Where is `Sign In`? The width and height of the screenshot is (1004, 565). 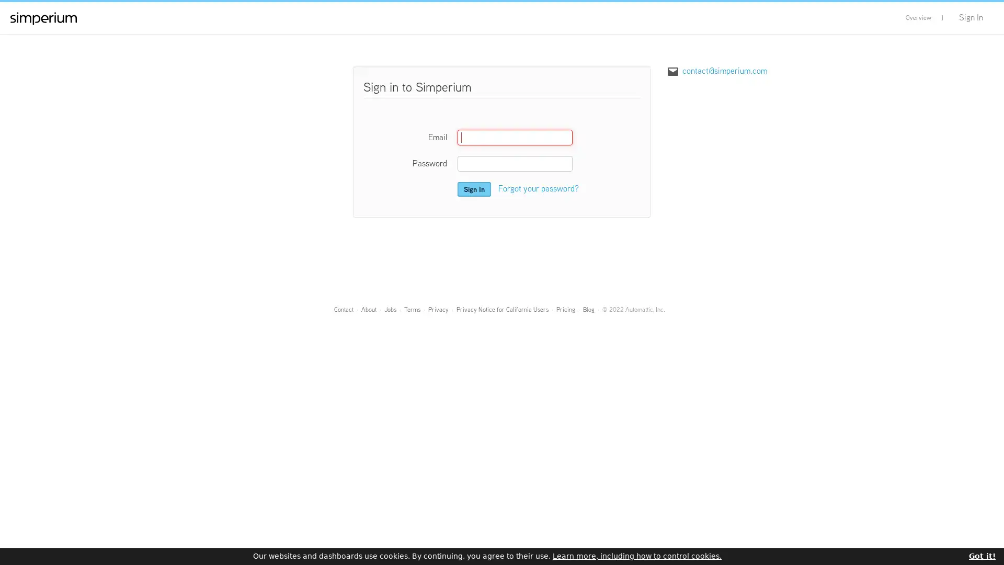
Sign In is located at coordinates (474, 189).